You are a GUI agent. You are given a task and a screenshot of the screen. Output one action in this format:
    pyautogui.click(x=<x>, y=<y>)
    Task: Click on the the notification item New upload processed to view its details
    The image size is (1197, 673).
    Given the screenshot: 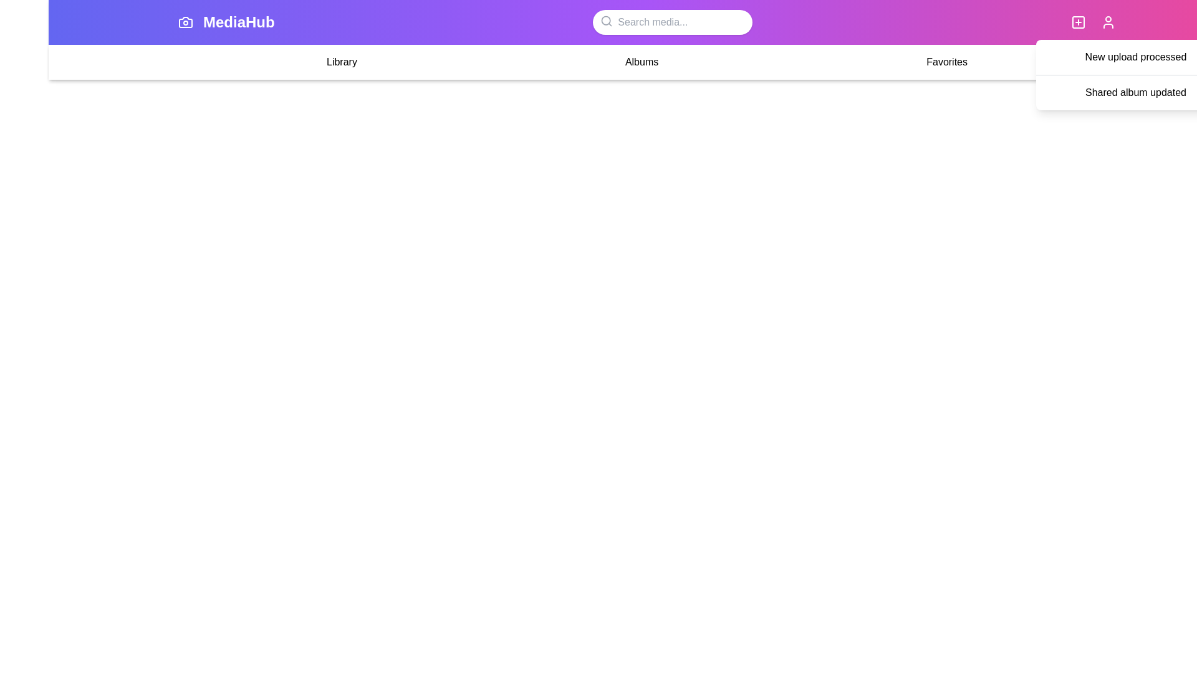 What is the action you would take?
    pyautogui.click(x=1136, y=57)
    